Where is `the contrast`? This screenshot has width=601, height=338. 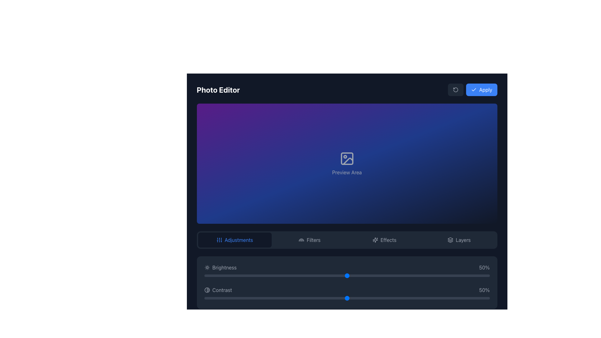
the contrast is located at coordinates (213, 298).